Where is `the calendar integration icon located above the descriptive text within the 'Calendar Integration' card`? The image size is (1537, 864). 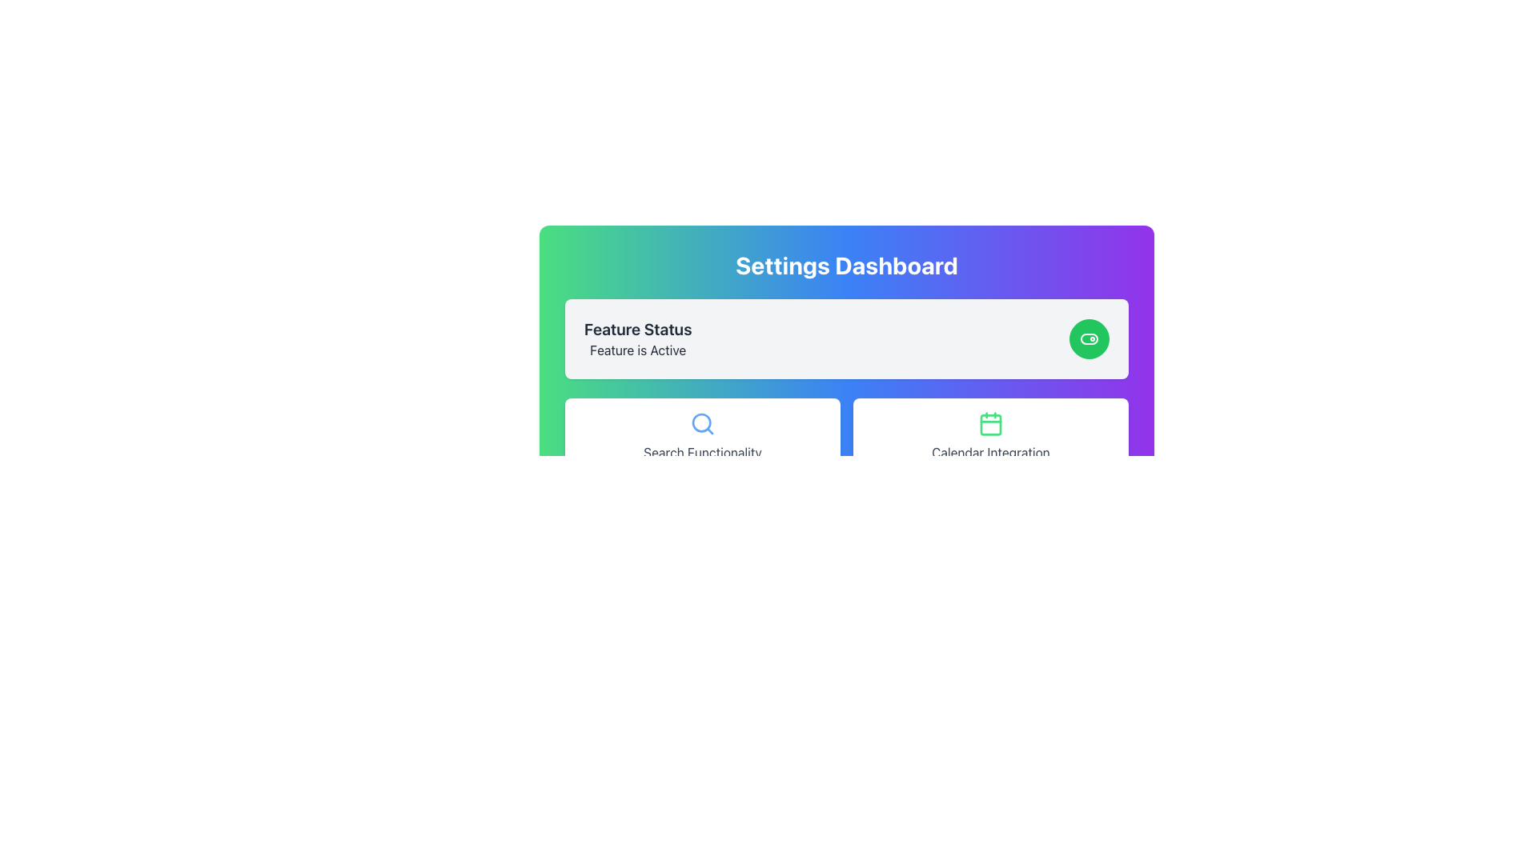 the calendar integration icon located above the descriptive text within the 'Calendar Integration' card is located at coordinates (990, 422).